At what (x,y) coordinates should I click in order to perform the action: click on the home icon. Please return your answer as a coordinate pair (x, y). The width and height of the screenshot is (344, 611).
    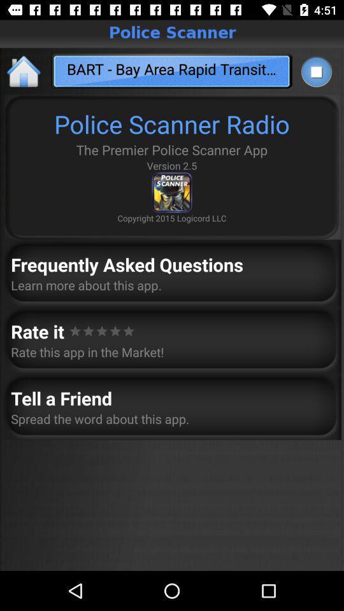
    Looking at the image, I should click on (24, 71).